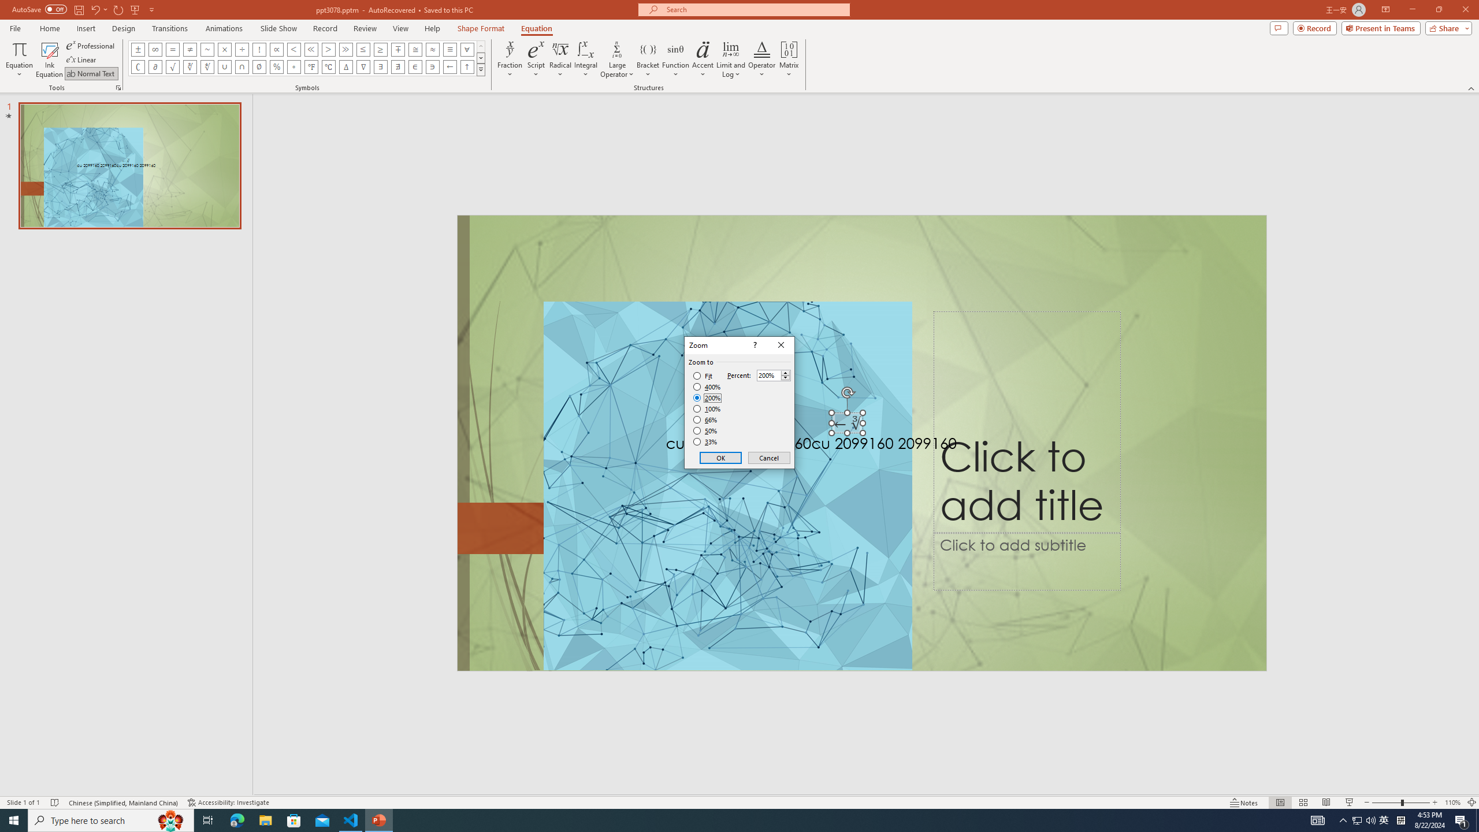 The image size is (1479, 832). Describe the element at coordinates (761, 60) in the screenshot. I see `'Operator'` at that location.